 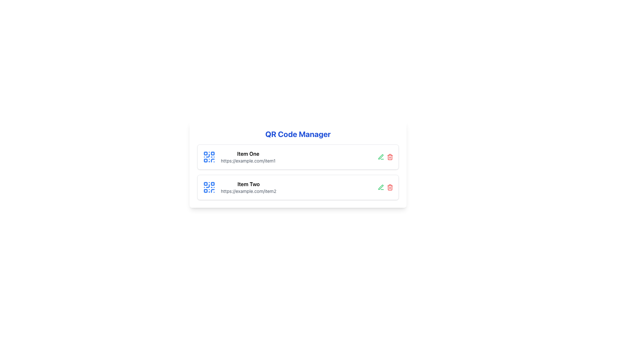 What do you see at coordinates (239, 157) in the screenshot?
I see `the Text display group titled 'Item One' that includes a description with the URL 'https://example.com/item1' and is visually grouped with a blue QR code icon` at bounding box center [239, 157].